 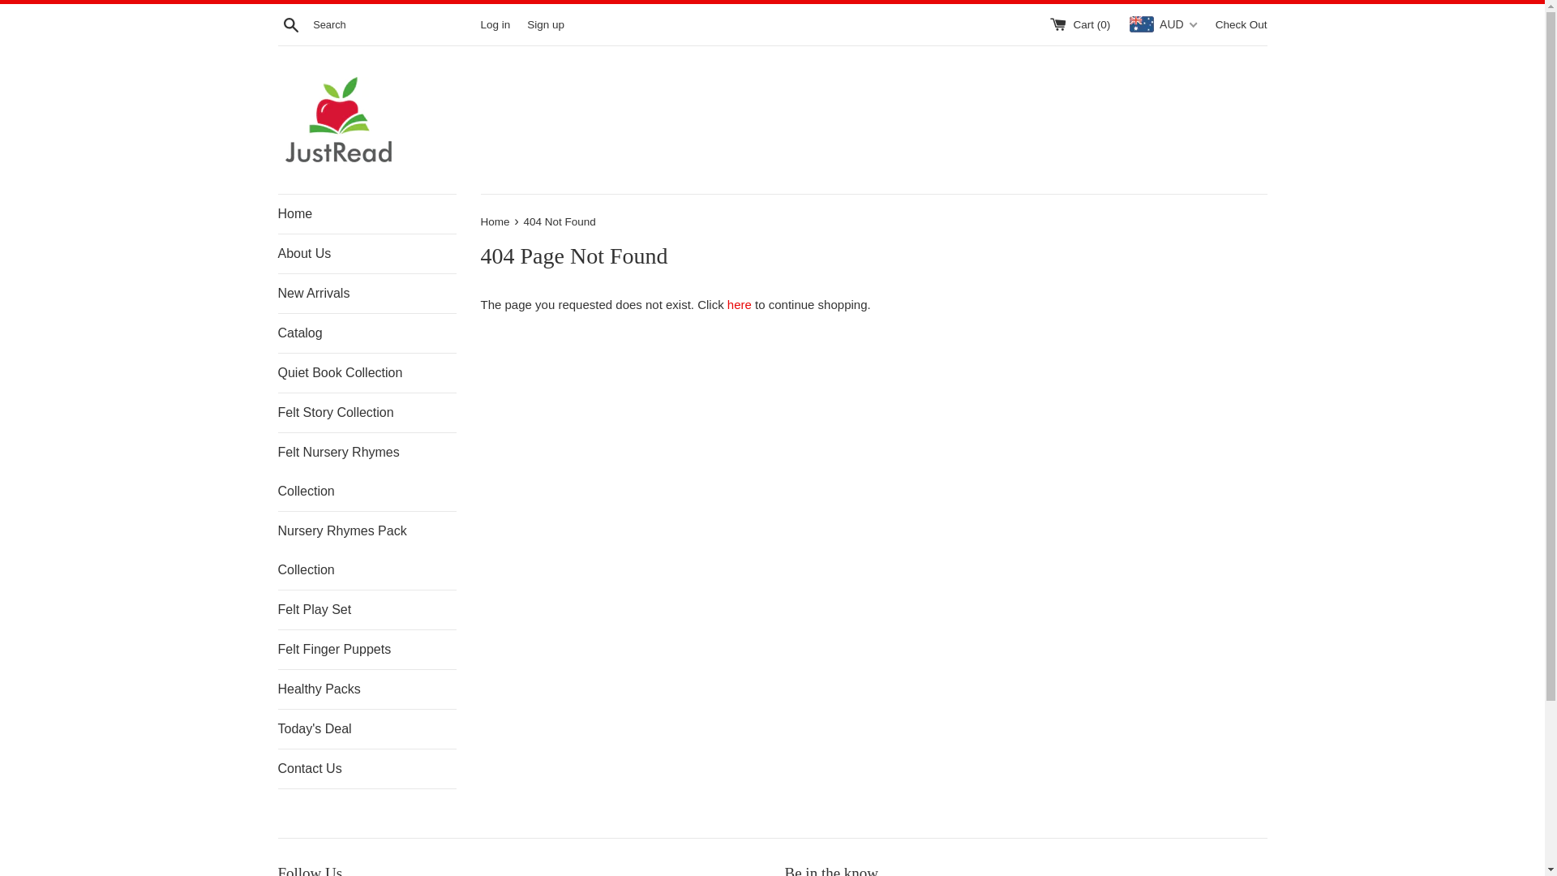 I want to click on 'About Us', so click(x=365, y=253).